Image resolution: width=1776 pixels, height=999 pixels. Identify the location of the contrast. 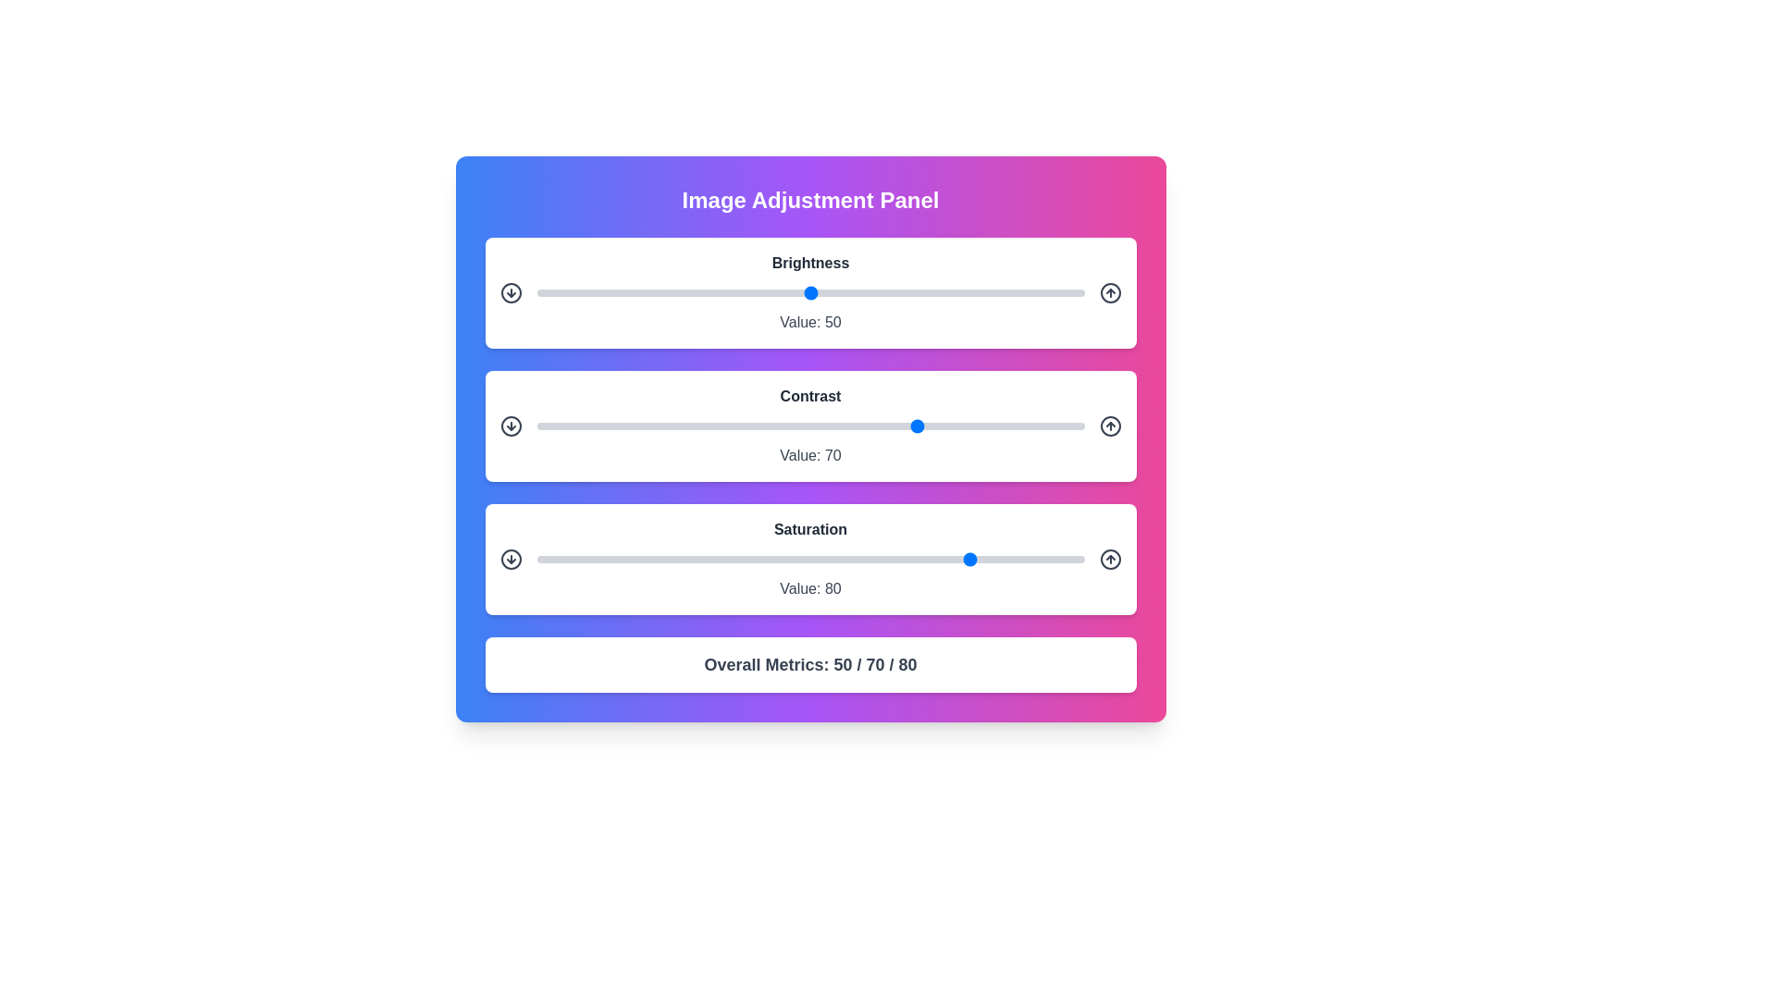
(635, 426).